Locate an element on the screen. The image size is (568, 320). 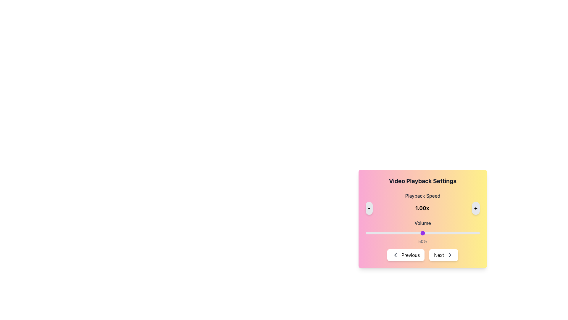
the leftward navigation icon located in the bottom-left corner of the interface above the 'Previous' button is located at coordinates (396, 255).